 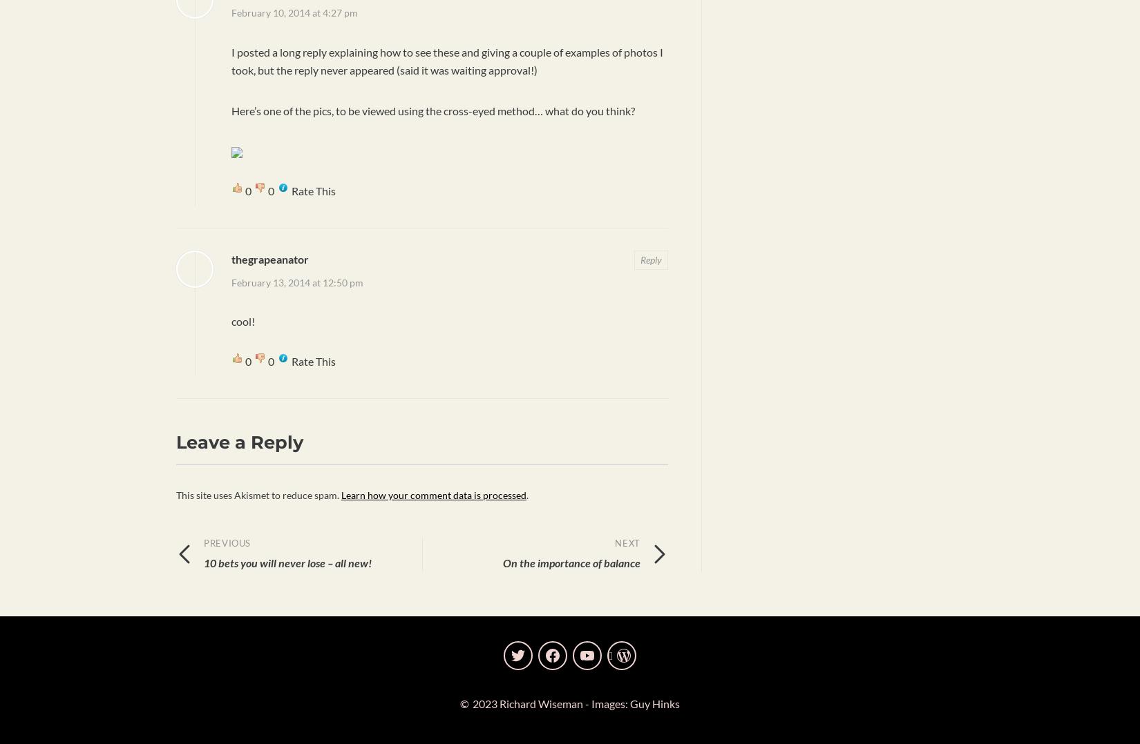 What do you see at coordinates (433, 494) in the screenshot?
I see `'Learn how your comment data is processed'` at bounding box center [433, 494].